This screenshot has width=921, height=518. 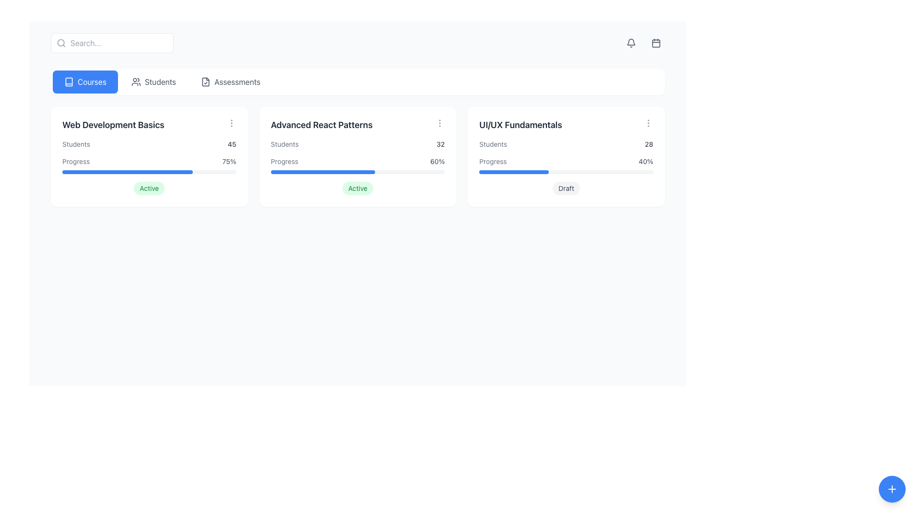 What do you see at coordinates (149, 188) in the screenshot?
I see `the status label indicating the current active state of the course 'Web Development Basics', located beneath the progress bar and centered horizontally within the card` at bounding box center [149, 188].